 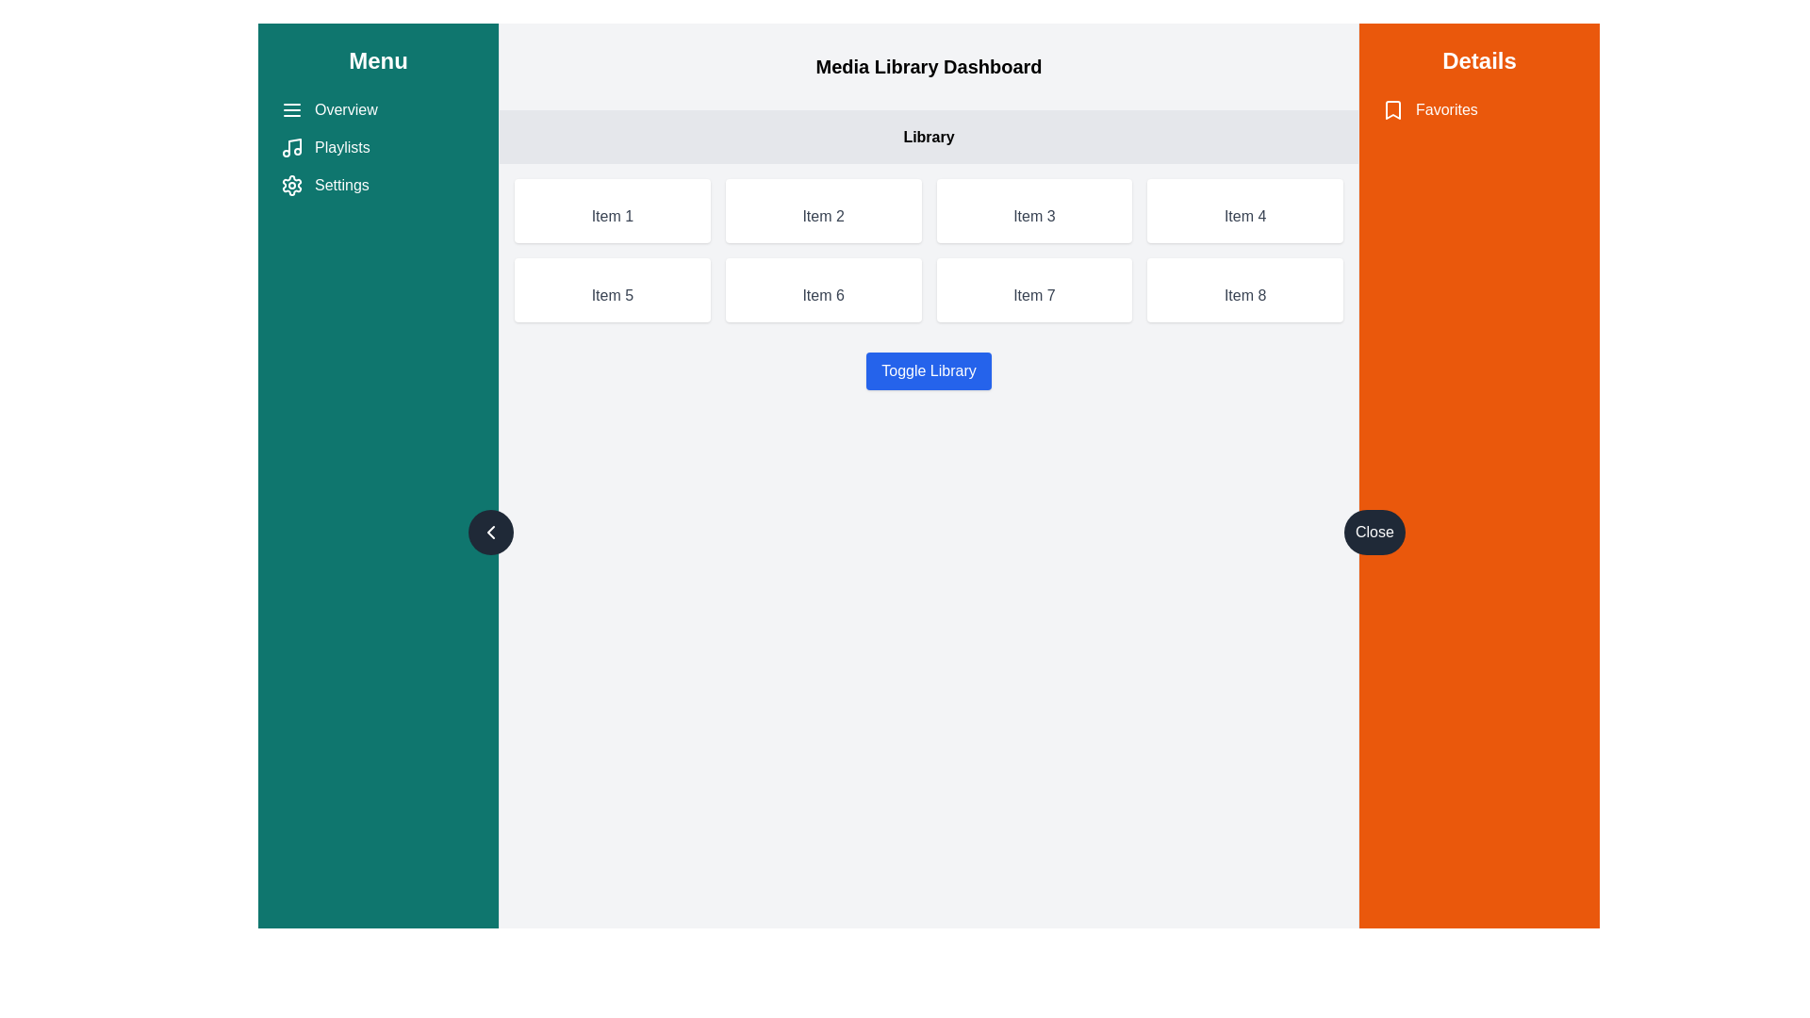 What do you see at coordinates (1374, 532) in the screenshot?
I see `the close button located on the left edge of the 'Details' section` at bounding box center [1374, 532].